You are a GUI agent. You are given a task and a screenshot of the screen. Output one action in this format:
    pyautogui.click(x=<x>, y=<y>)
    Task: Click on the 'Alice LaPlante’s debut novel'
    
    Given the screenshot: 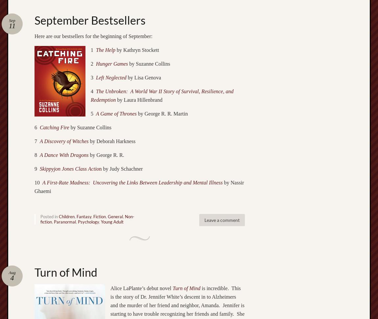 What is the action you would take?
    pyautogui.click(x=141, y=288)
    